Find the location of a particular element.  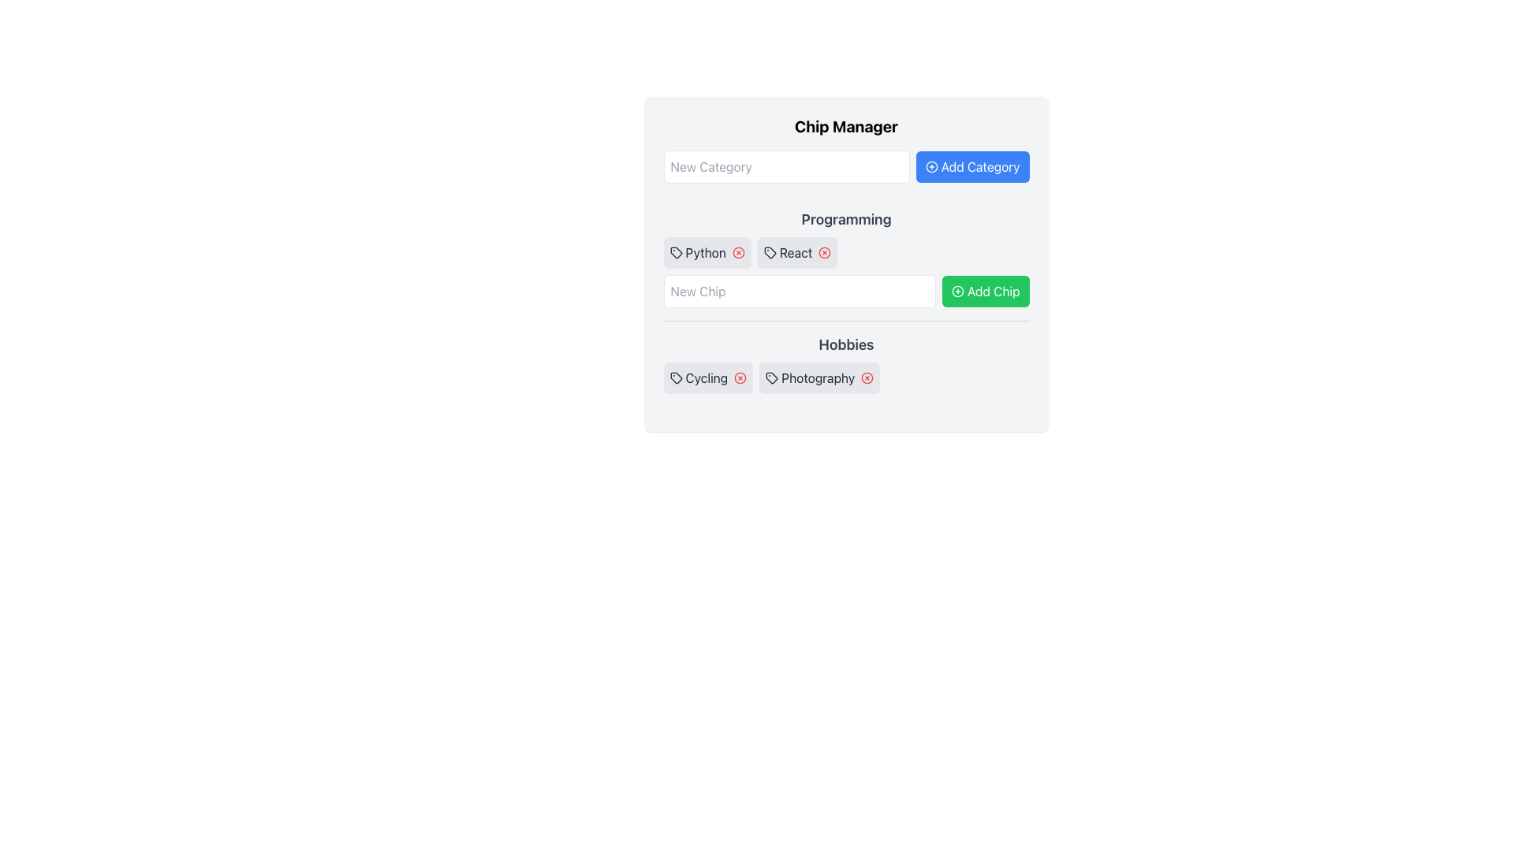

the tag-like icon representing the 'Cycling' group in the 'Hobbies' section, located before the red delete icon is located at coordinates (676, 377).